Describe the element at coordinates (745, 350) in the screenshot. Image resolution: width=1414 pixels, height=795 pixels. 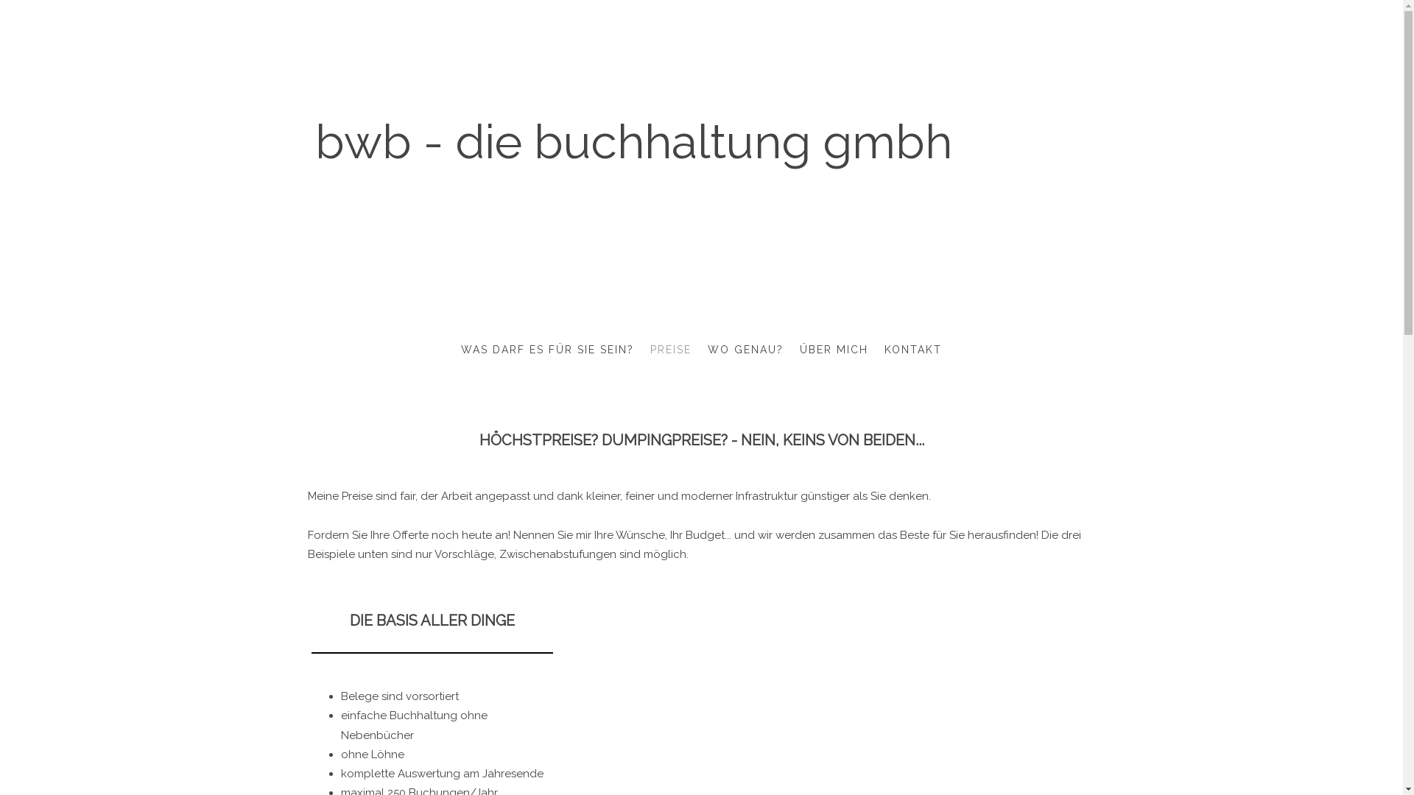
I see `'WO GENAU?'` at that location.